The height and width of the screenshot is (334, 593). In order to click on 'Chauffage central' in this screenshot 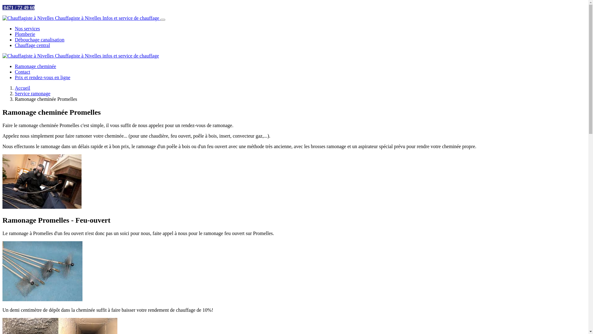, I will do `click(32, 45)`.